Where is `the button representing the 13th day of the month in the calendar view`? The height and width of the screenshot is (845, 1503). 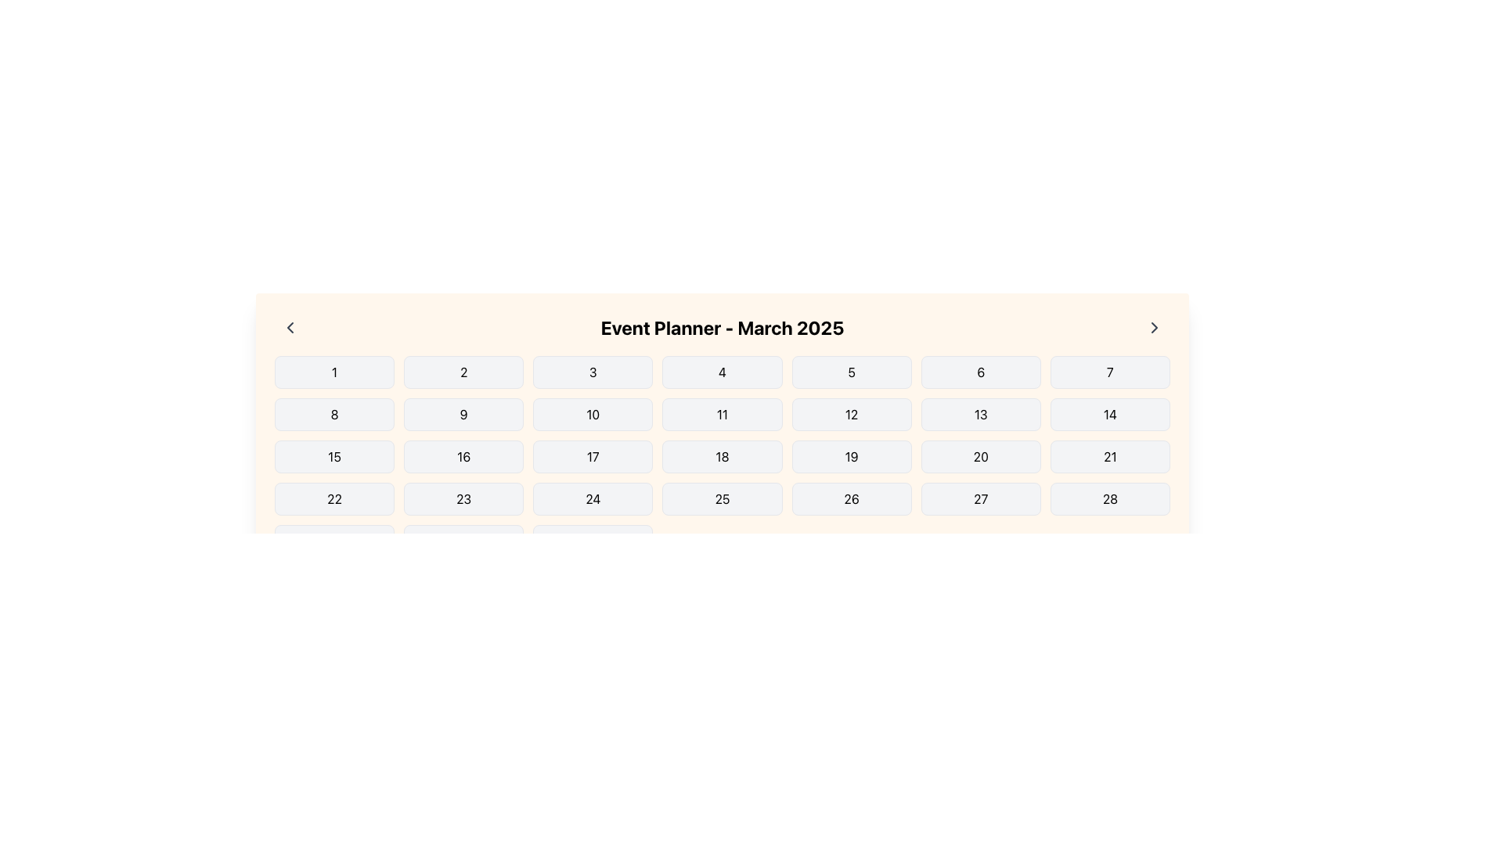
the button representing the 13th day of the month in the calendar view is located at coordinates (980, 413).